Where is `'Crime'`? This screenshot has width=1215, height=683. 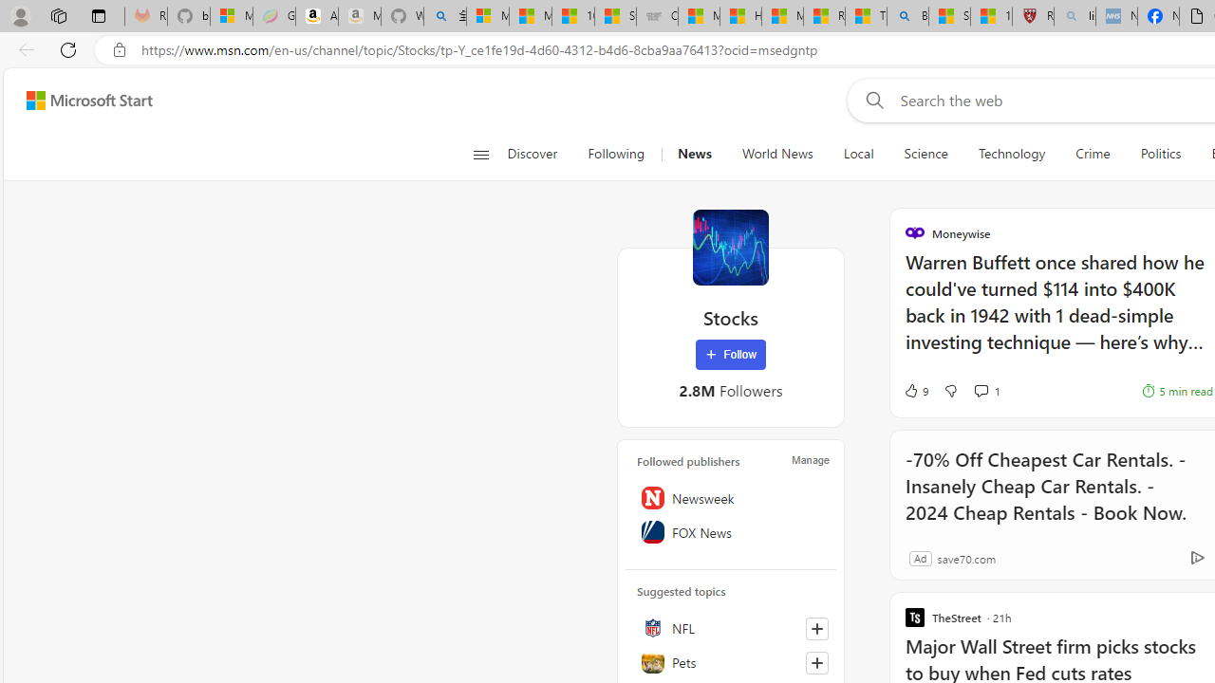 'Crime' is located at coordinates (1093, 154).